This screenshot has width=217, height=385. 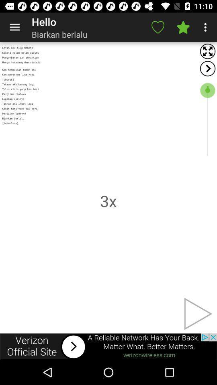 I want to click on the arrow_forward icon, so click(x=207, y=68).